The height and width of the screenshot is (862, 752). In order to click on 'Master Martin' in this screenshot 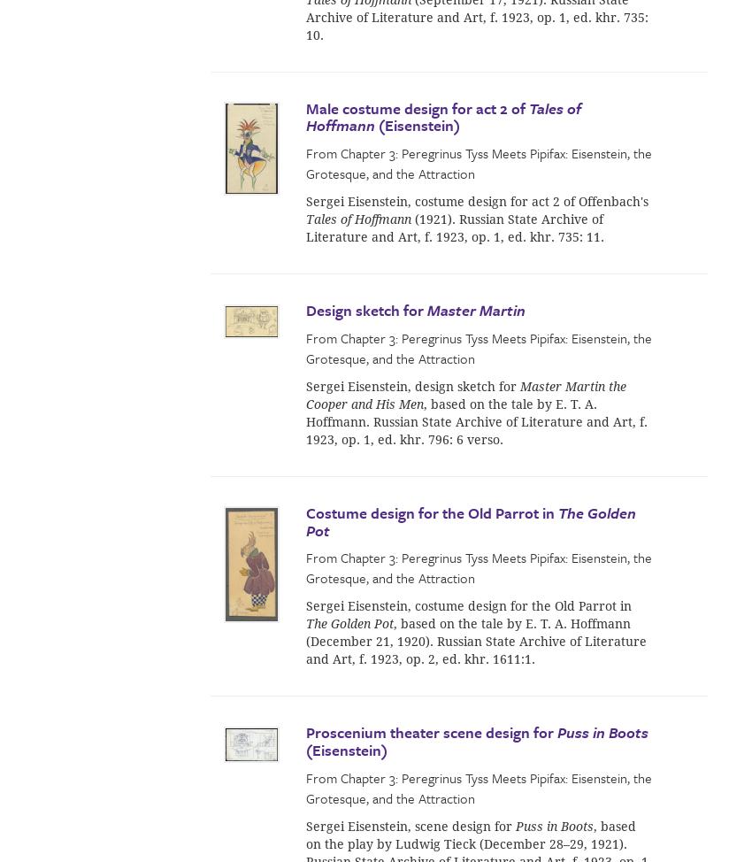, I will do `click(475, 310)`.